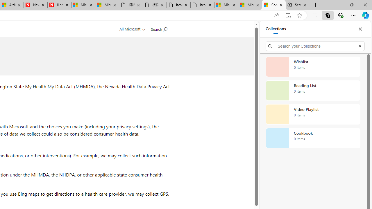 The height and width of the screenshot is (209, 372). What do you see at coordinates (273, 5) in the screenshot?
I see `'Consumer Health Data Privacy Policy'` at bounding box center [273, 5].